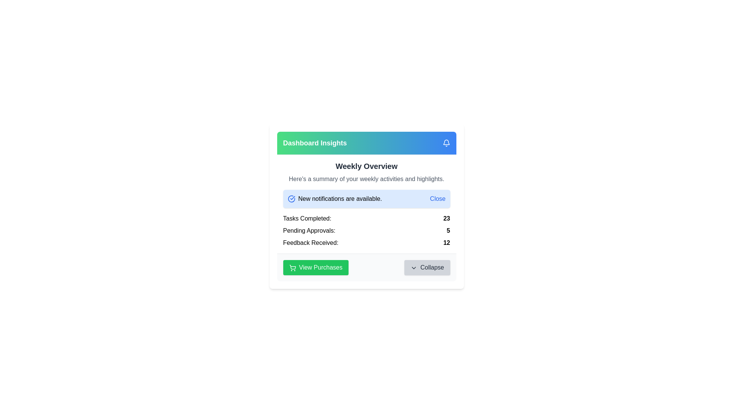 The width and height of the screenshot is (729, 410). I want to click on the static text element displaying the number '23' next to the label 'Tasks Completed:' in the middle section of the interface, so click(447, 218).